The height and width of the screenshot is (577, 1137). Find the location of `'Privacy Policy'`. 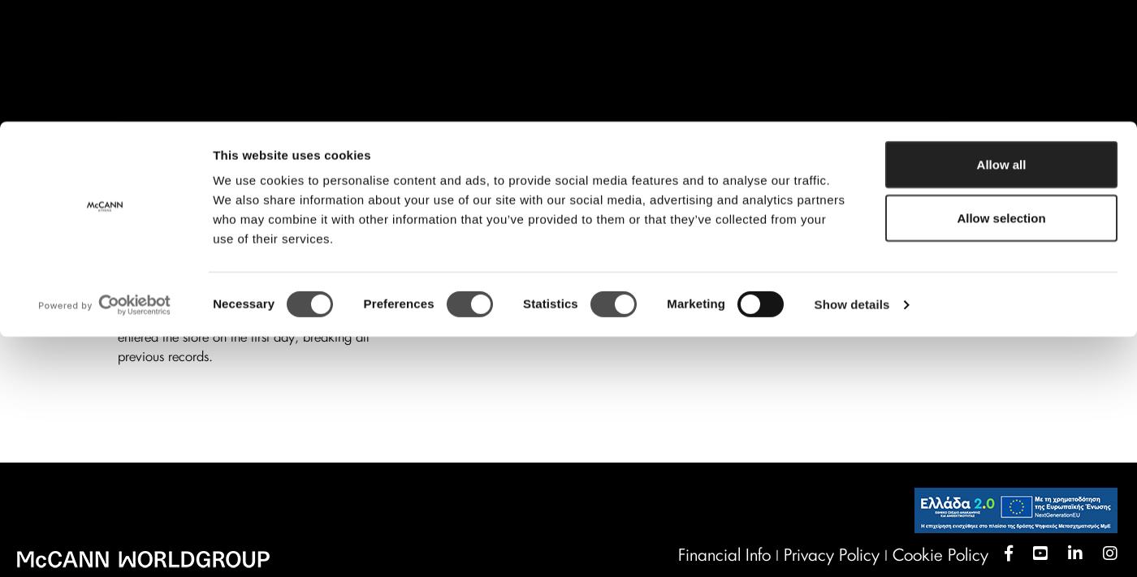

'Privacy Policy' is located at coordinates (831, 555).